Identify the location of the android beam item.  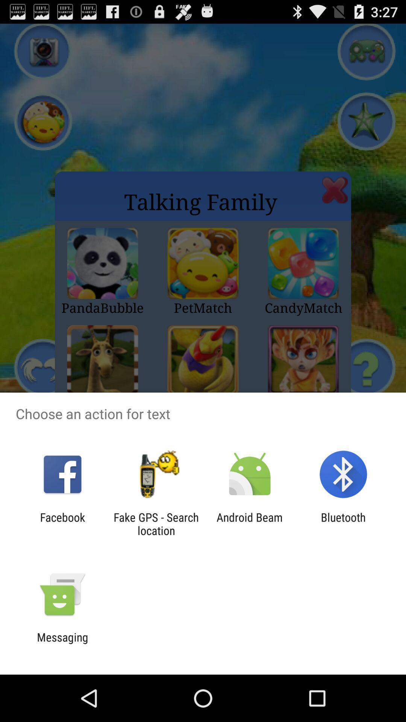
(250, 523).